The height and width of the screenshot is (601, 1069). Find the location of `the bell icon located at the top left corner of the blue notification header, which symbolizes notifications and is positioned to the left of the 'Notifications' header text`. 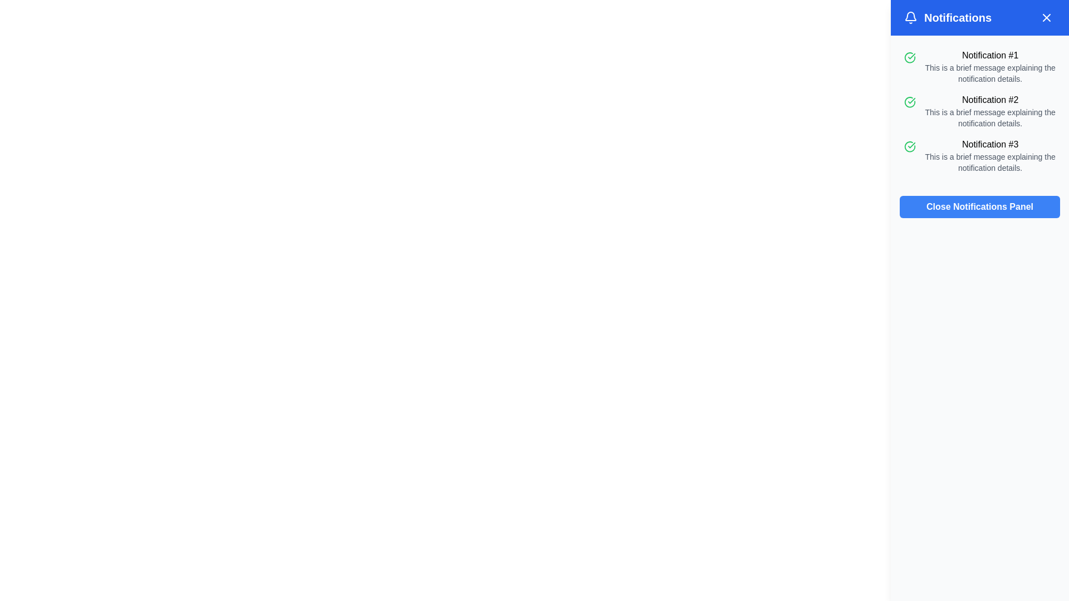

the bell icon located at the top left corner of the blue notification header, which symbolizes notifications and is positioned to the left of the 'Notifications' header text is located at coordinates (911, 17).